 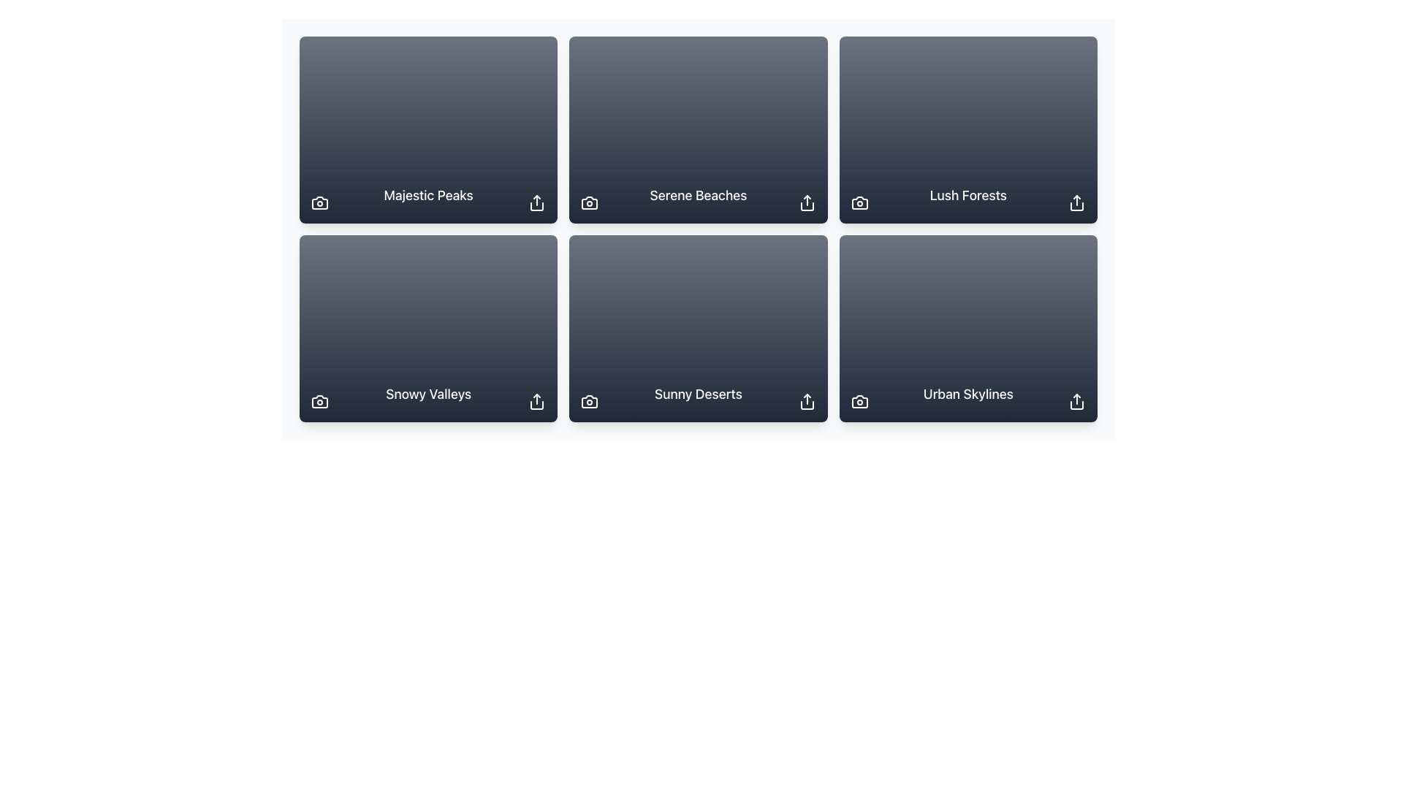 I want to click on the camera icon located in the bottom-left corner of the 'Sunny Deserts' card, which triggers photo-related functions, so click(x=590, y=402).